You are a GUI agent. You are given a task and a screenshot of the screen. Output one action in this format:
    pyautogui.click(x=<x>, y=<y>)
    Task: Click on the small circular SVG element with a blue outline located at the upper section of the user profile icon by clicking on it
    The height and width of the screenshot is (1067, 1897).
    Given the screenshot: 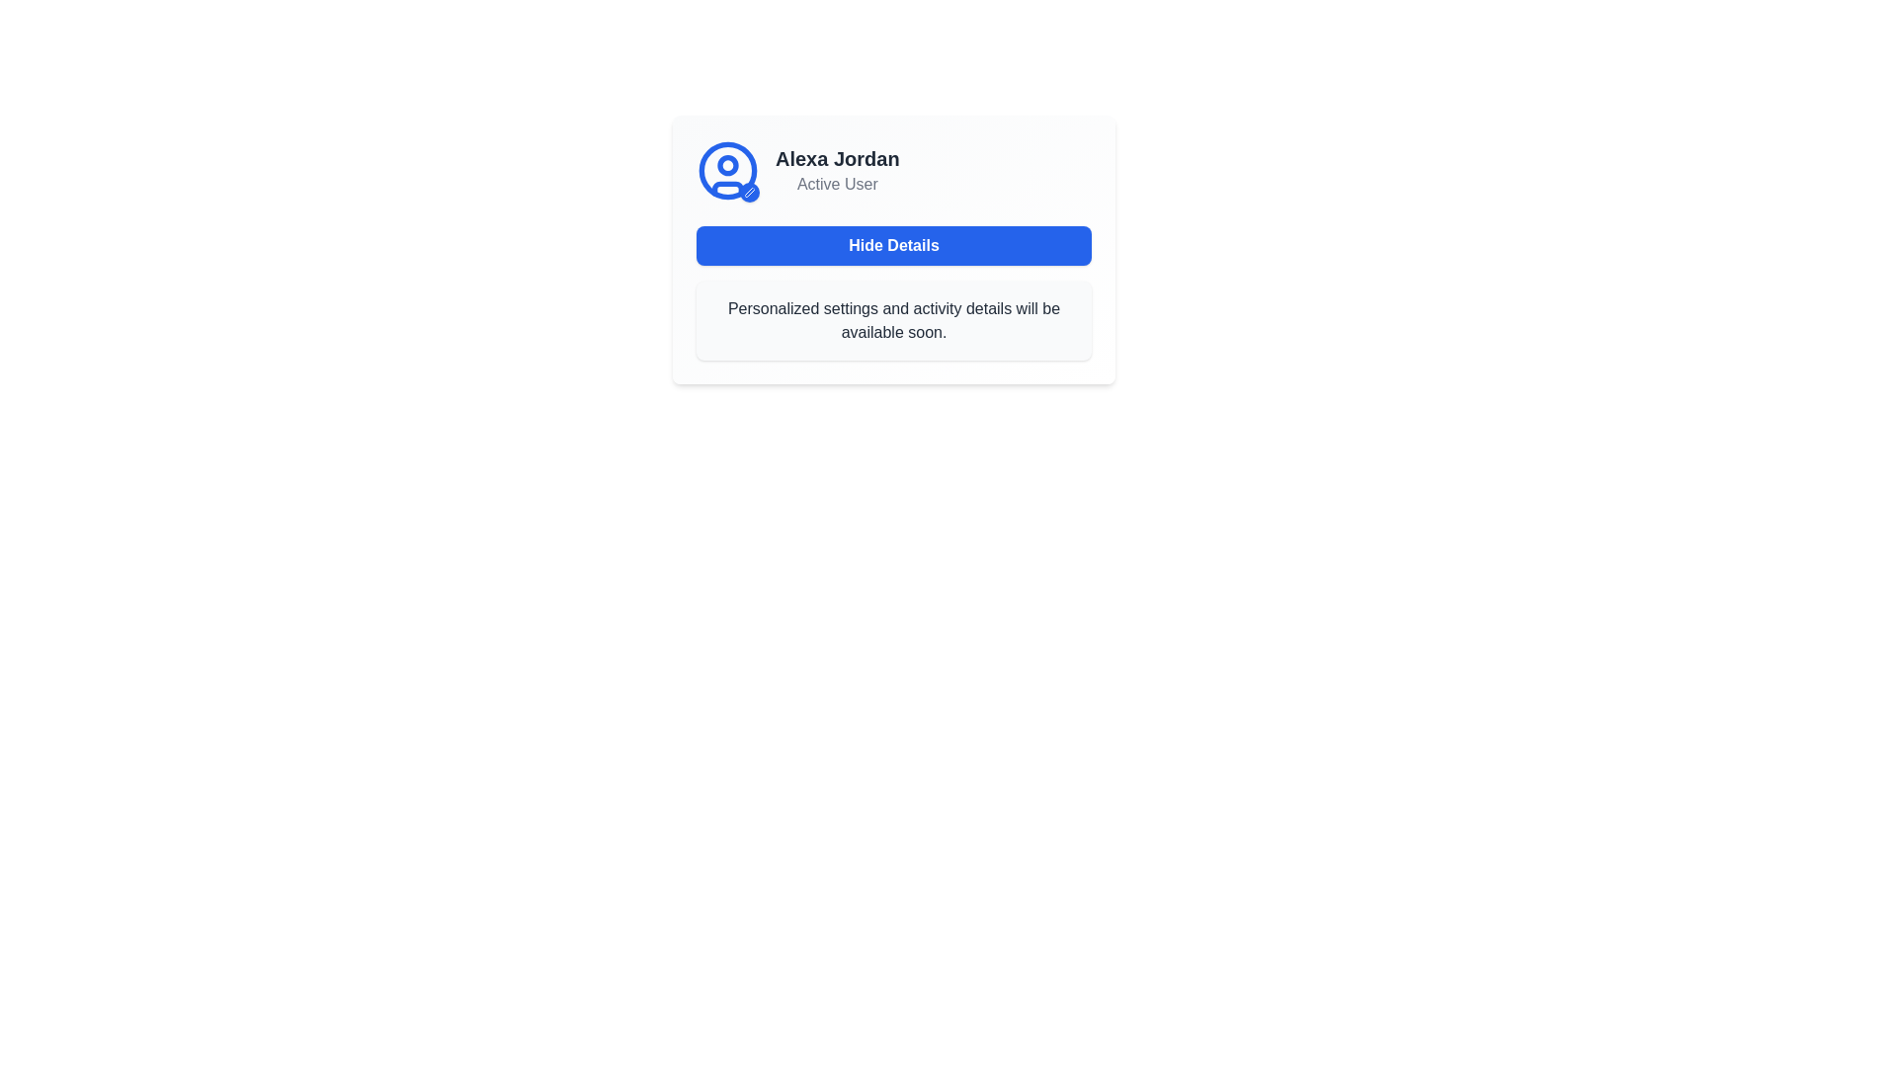 What is the action you would take?
    pyautogui.click(x=727, y=163)
    